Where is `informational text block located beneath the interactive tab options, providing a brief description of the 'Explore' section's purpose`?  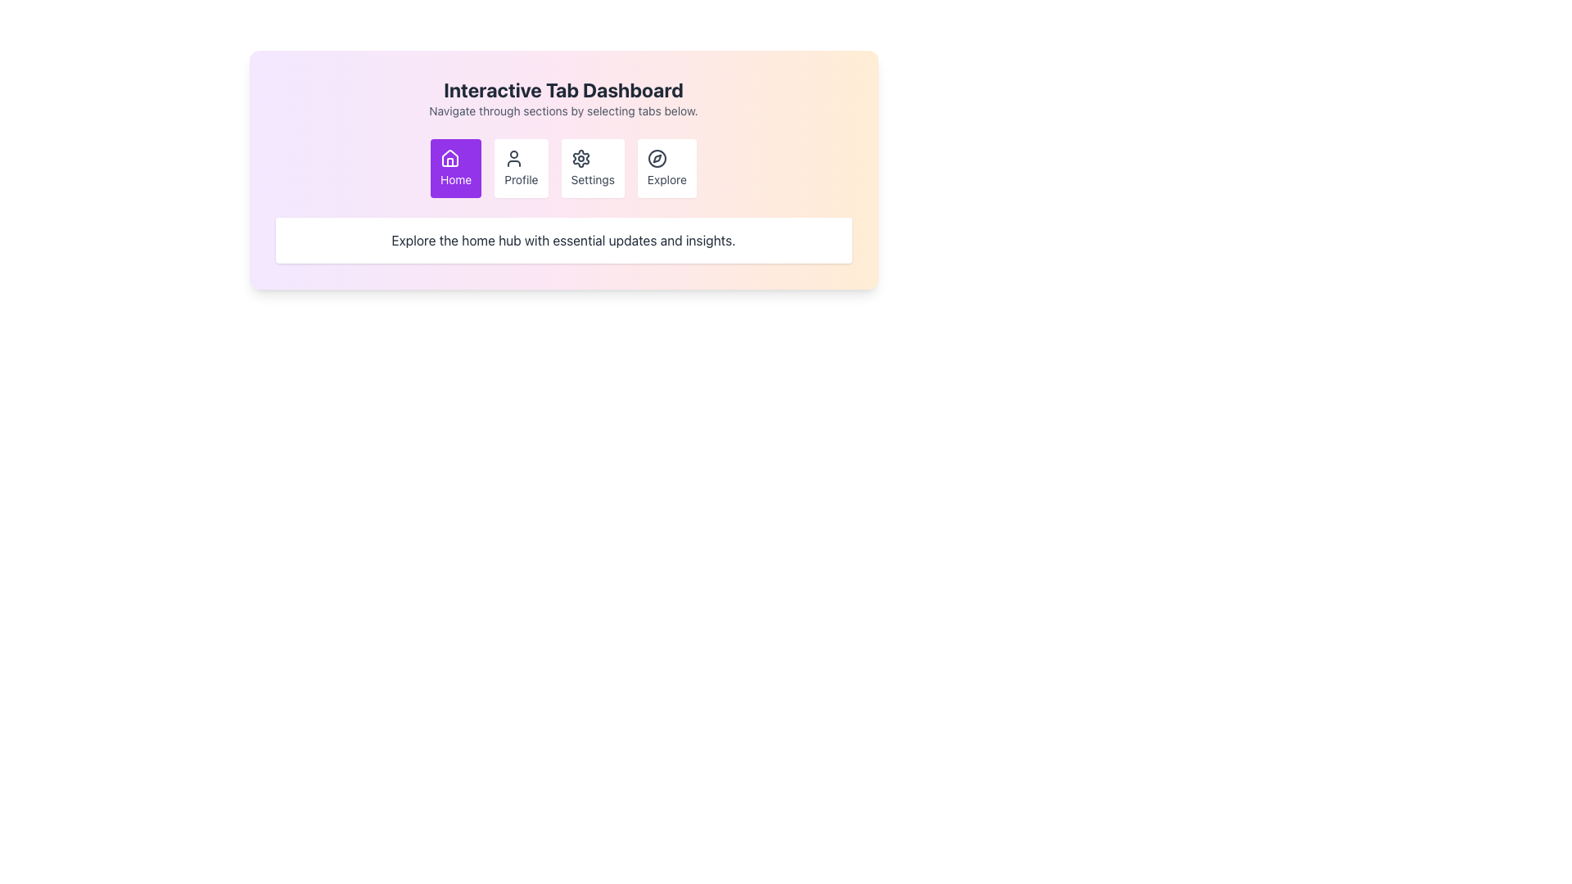 informational text block located beneath the interactive tab options, providing a brief description of the 'Explore' section's purpose is located at coordinates (563, 240).